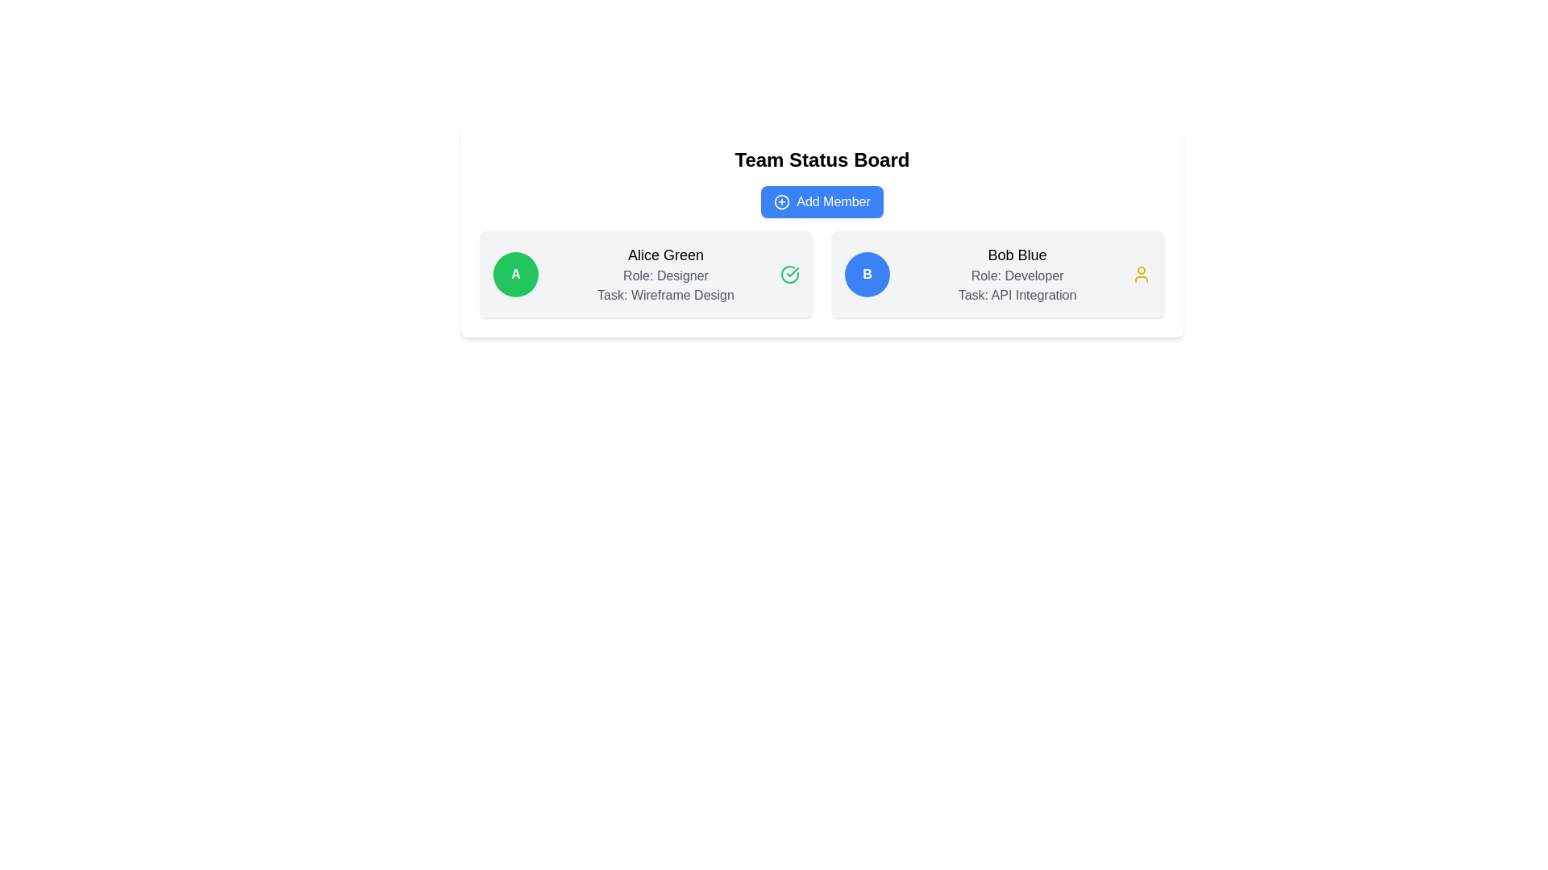 The image size is (1548, 870). Describe the element at coordinates (1141, 273) in the screenshot. I see `the yellow user avatar icon located in the upper right corner of Bob Blue's card` at that location.